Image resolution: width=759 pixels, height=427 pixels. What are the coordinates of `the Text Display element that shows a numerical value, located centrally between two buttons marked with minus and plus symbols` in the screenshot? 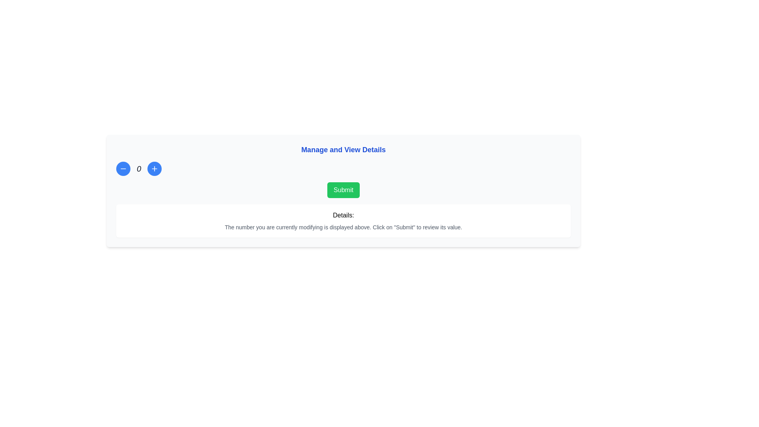 It's located at (139, 168).